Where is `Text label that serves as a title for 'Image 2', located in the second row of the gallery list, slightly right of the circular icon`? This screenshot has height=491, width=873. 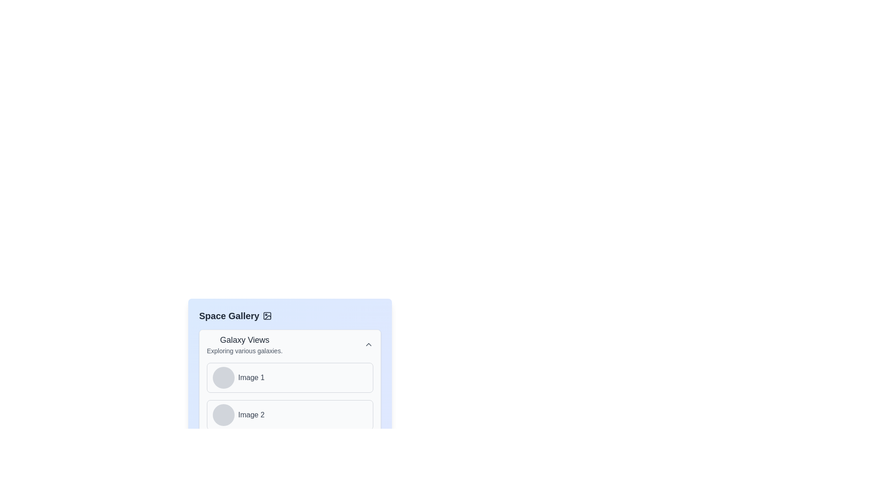 Text label that serves as a title for 'Image 2', located in the second row of the gallery list, slightly right of the circular icon is located at coordinates (251, 415).